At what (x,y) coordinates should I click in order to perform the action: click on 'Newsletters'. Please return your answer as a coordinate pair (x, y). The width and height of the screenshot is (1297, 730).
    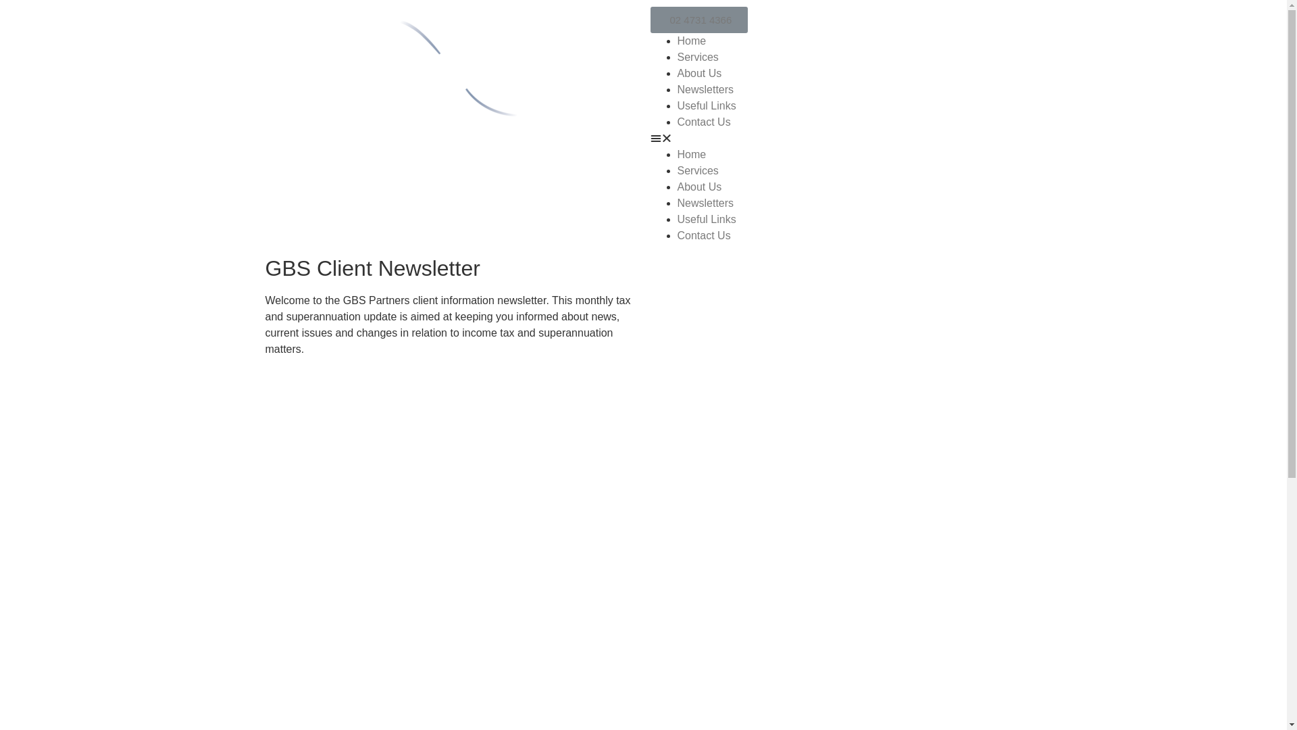
    Looking at the image, I should click on (677, 89).